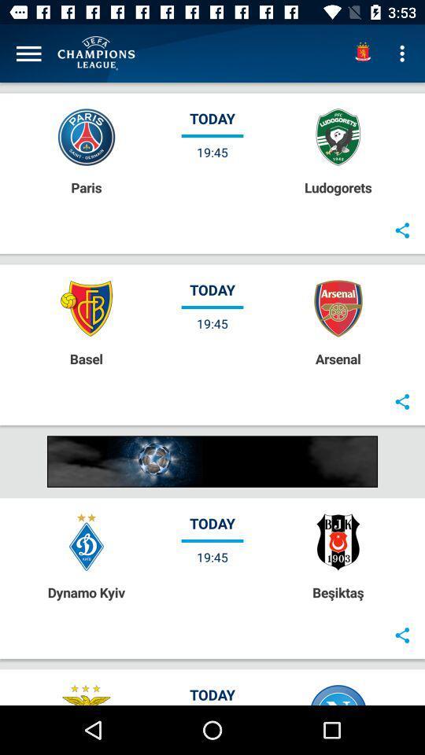  I want to click on open menu list, so click(28, 53).